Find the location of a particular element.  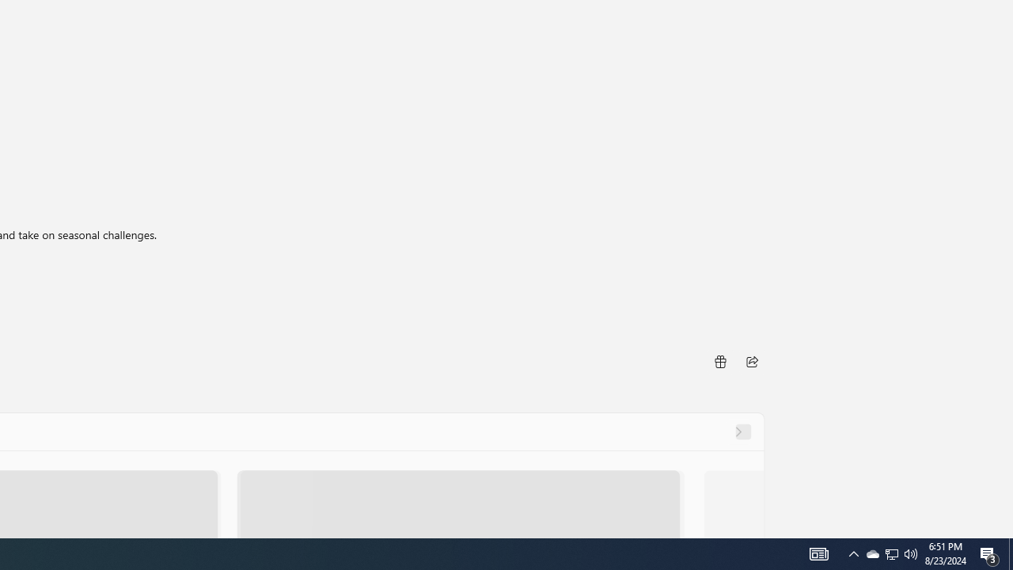

'Vertical Small Increase' is located at coordinates (1006, 532).